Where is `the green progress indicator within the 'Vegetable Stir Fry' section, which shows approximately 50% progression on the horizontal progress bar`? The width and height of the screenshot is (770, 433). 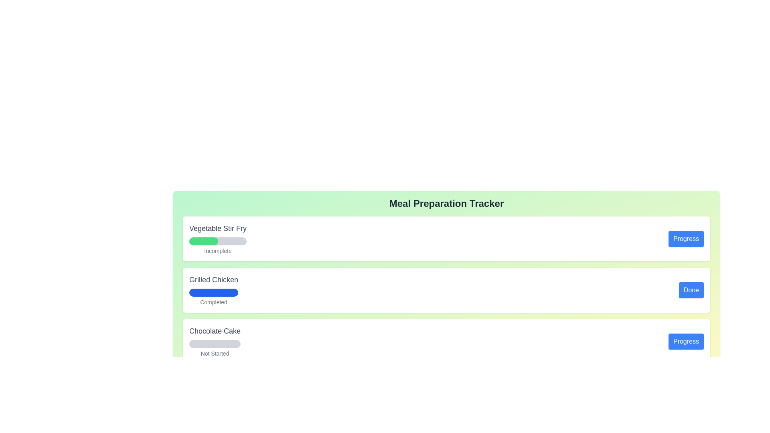 the green progress indicator within the 'Vegetable Stir Fry' section, which shows approximately 50% progression on the horizontal progress bar is located at coordinates (203, 241).